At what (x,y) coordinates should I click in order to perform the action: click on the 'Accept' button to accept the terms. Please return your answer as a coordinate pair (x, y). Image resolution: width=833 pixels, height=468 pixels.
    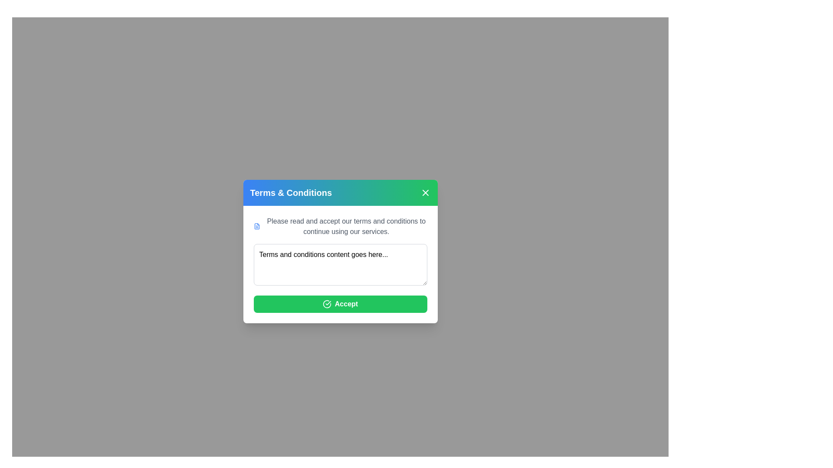
    Looking at the image, I should click on (340, 303).